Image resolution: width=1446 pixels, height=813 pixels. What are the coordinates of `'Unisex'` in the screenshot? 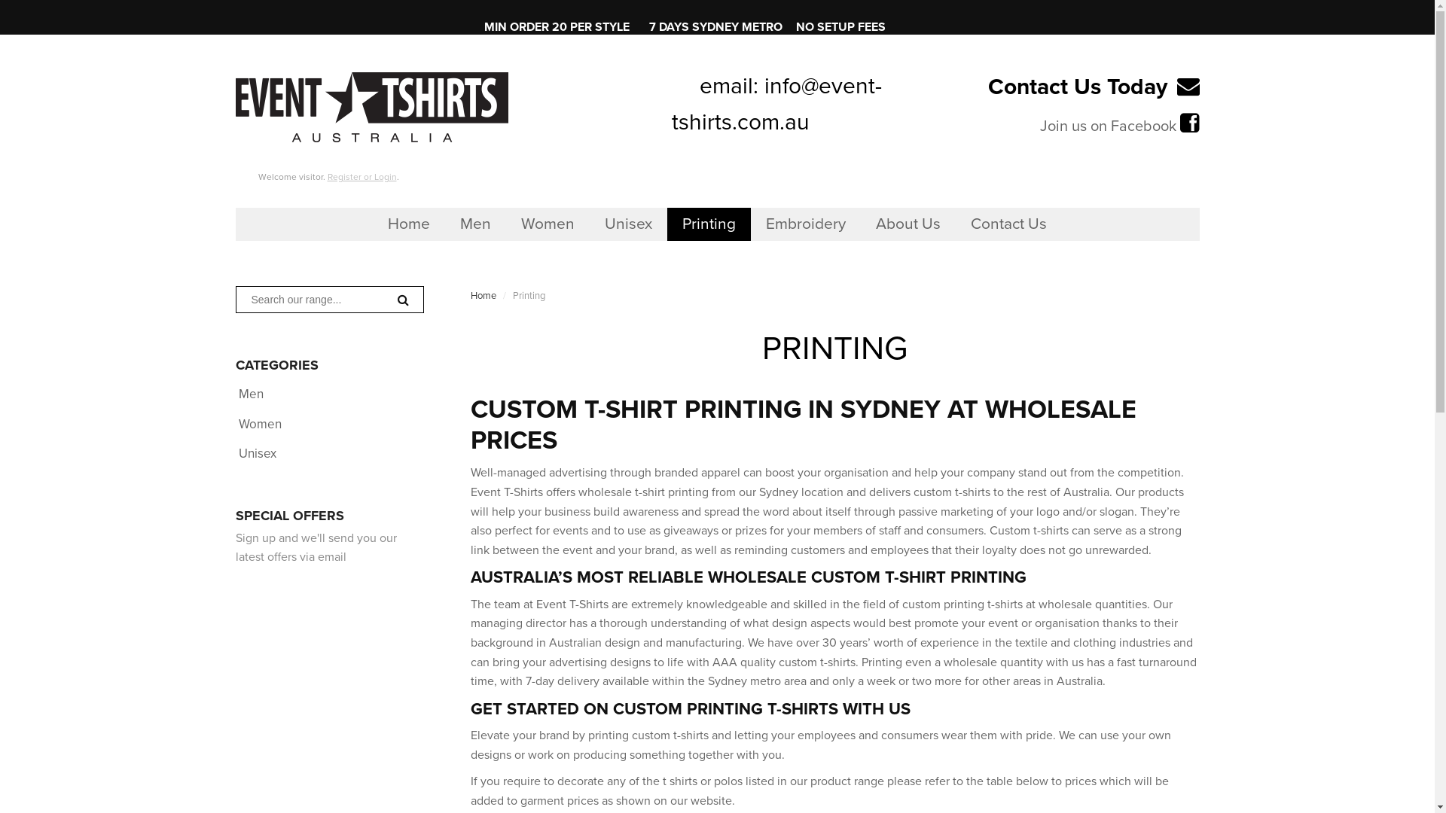 It's located at (256, 452).